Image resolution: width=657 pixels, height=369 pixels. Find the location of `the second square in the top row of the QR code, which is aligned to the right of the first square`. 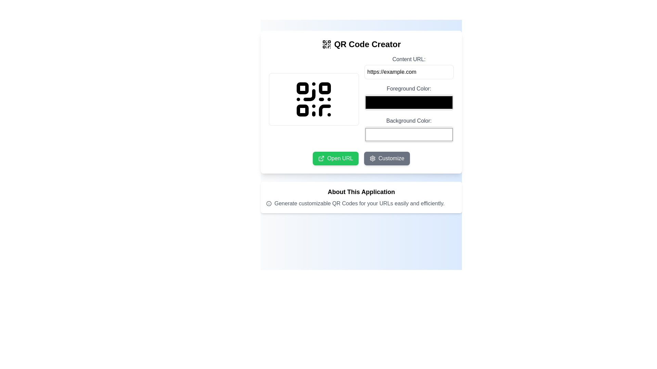

the second square in the top row of the QR code, which is aligned to the right of the first square is located at coordinates (324, 88).